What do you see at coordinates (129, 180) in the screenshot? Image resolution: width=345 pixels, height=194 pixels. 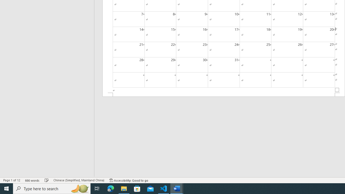 I see `'Accessibility Checker Accessibility: Good to go'` at bounding box center [129, 180].